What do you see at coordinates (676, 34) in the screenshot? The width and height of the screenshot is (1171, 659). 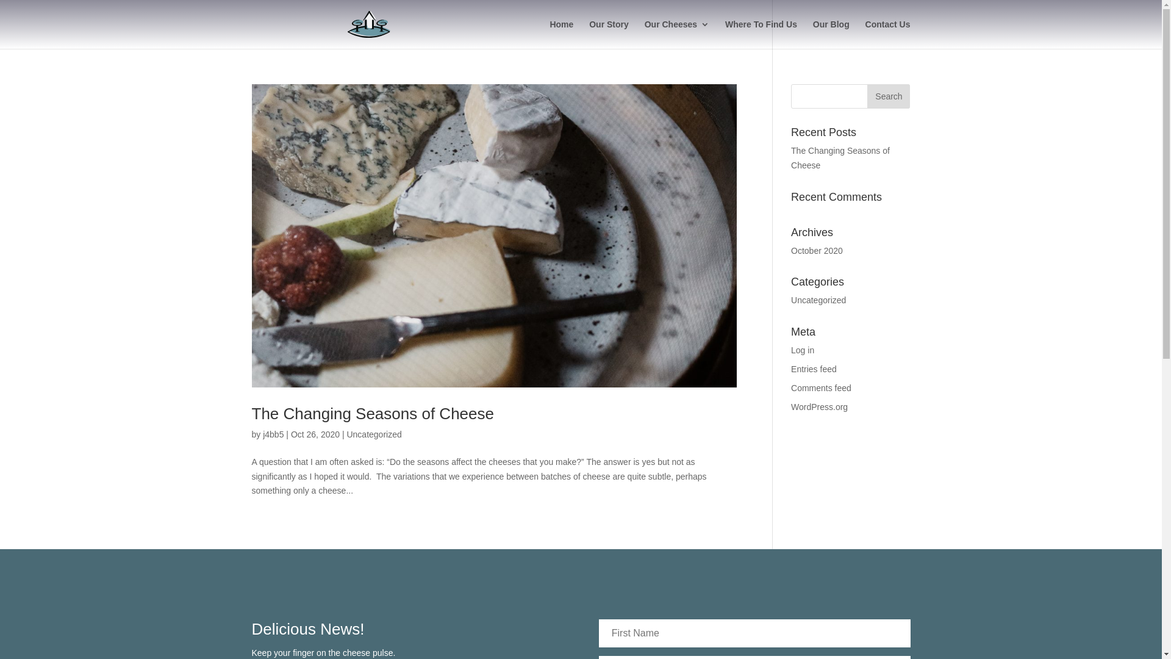 I see `'Our Cheeses'` at bounding box center [676, 34].